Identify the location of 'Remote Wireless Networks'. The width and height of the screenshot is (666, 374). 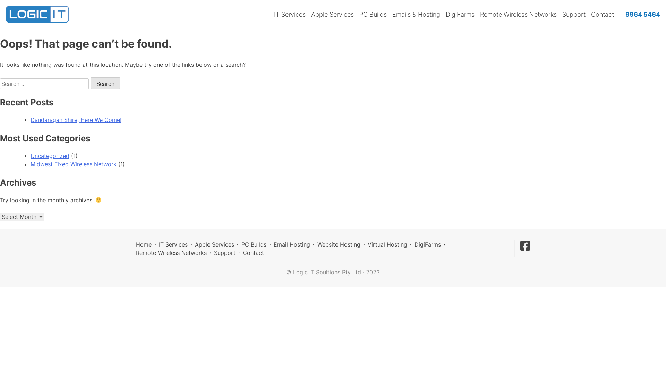
(171, 252).